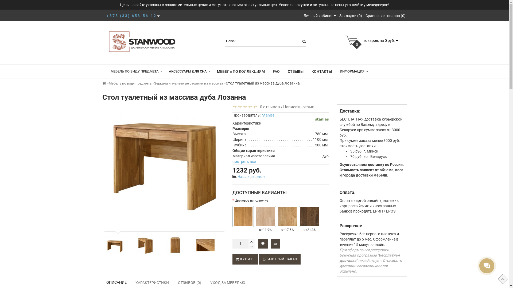 This screenshot has height=288, width=513. I want to click on '+375 (33) 653-56-12', so click(131, 15).